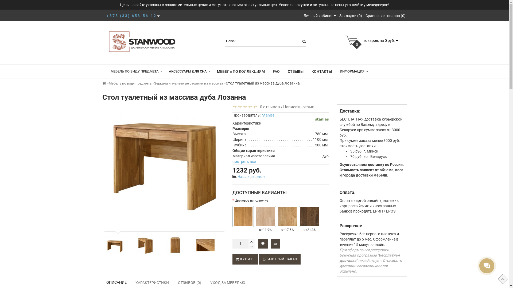 This screenshot has height=288, width=513. I want to click on '+375 (33) 653-56-12', so click(131, 15).